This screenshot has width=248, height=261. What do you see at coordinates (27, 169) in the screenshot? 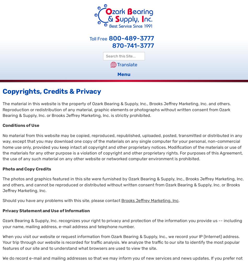
I see `'Photo and Copy Credits'` at bounding box center [27, 169].